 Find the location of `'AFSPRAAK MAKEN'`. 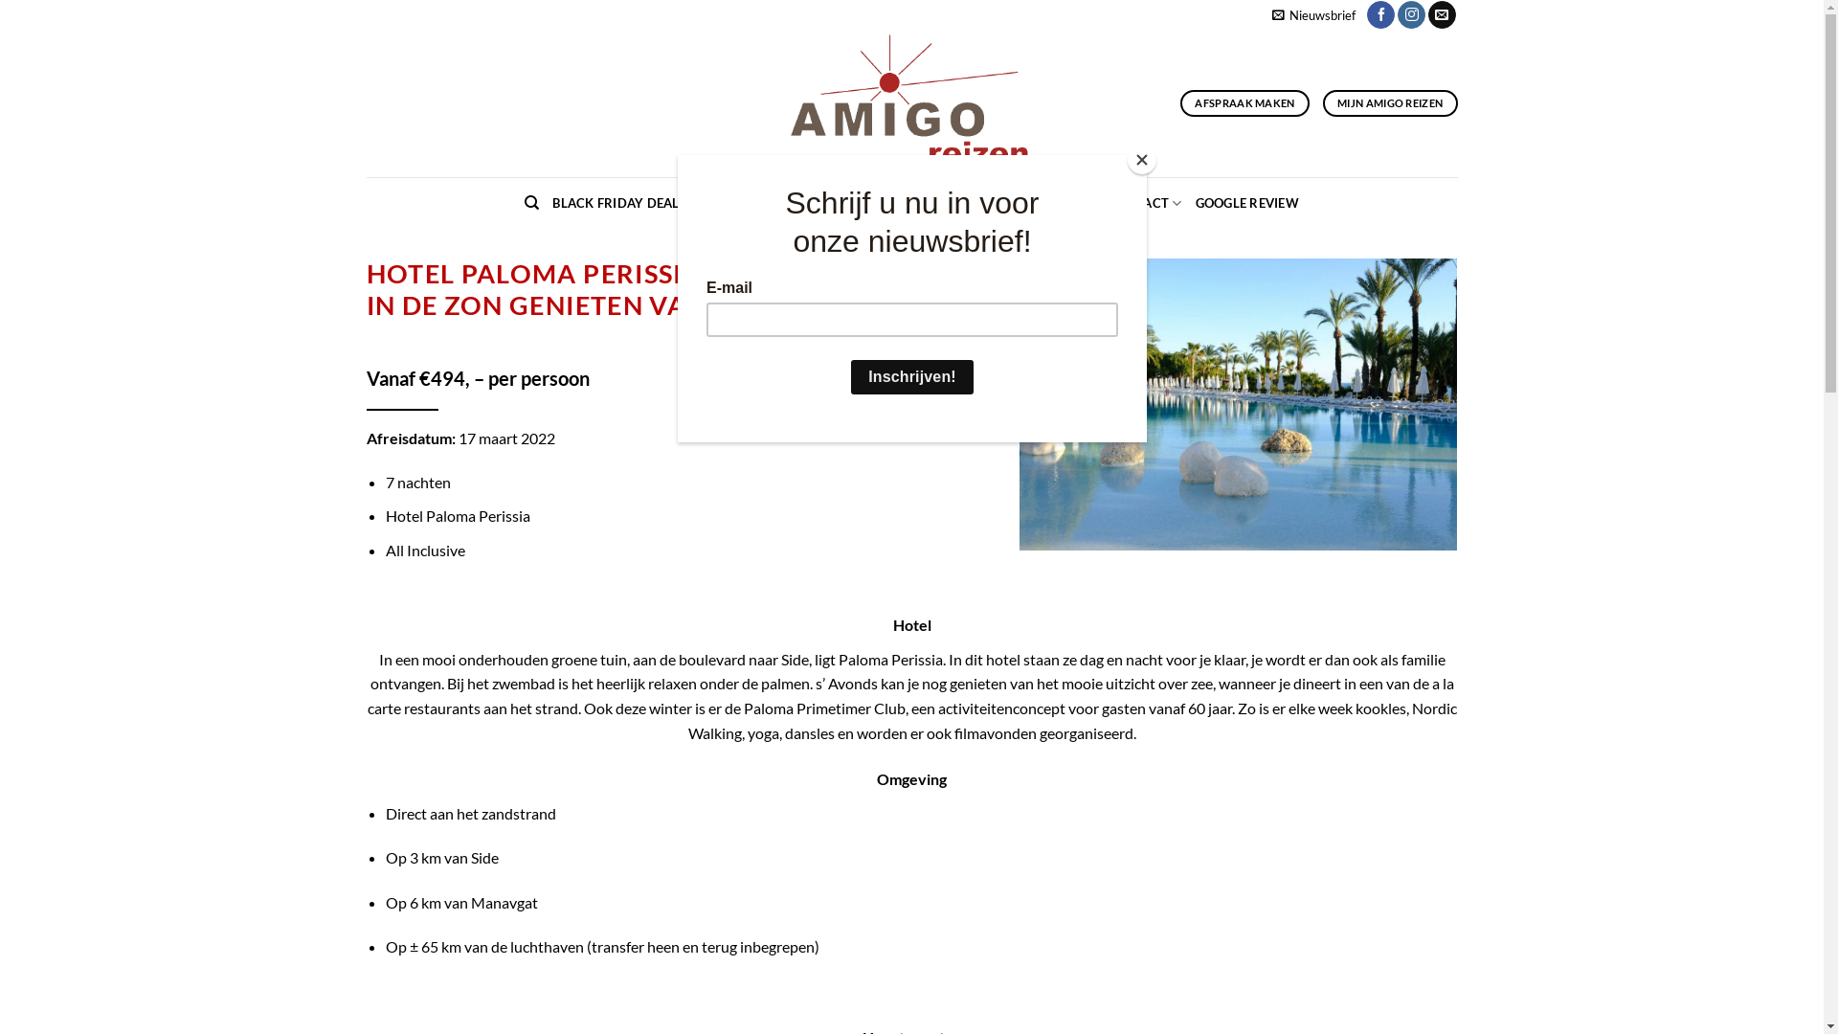

'AFSPRAAK MAKEN' is located at coordinates (1179, 103).